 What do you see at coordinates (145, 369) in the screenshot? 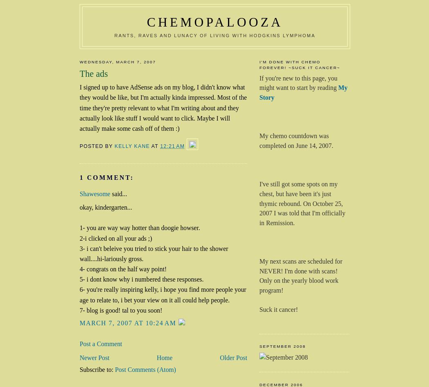
I see `'Post Comments (Atom)'` at bounding box center [145, 369].